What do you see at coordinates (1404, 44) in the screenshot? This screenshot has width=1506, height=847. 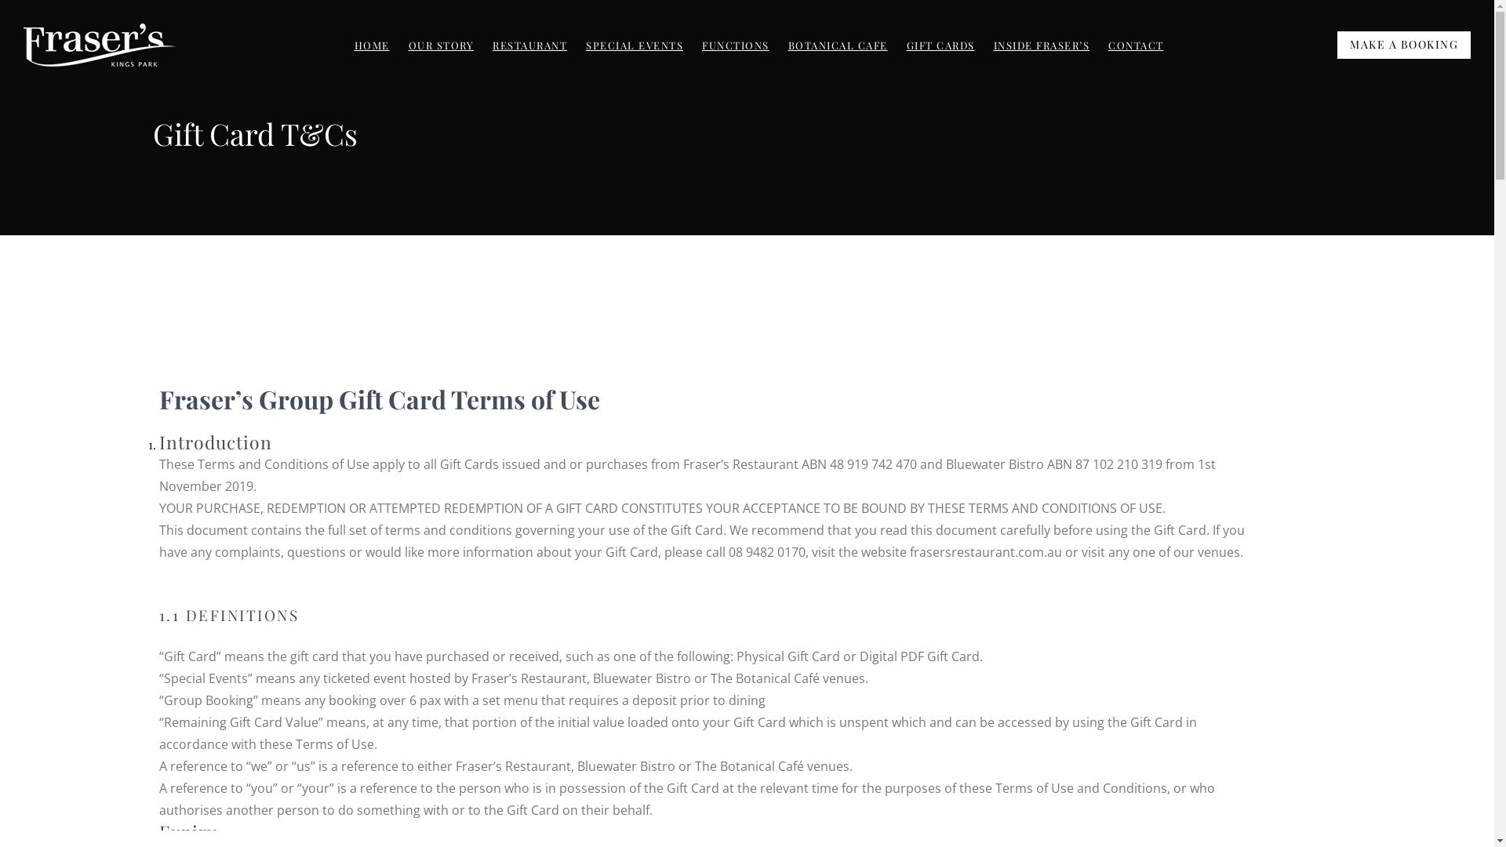 I see `'MAKE A BOOKING'` at bounding box center [1404, 44].